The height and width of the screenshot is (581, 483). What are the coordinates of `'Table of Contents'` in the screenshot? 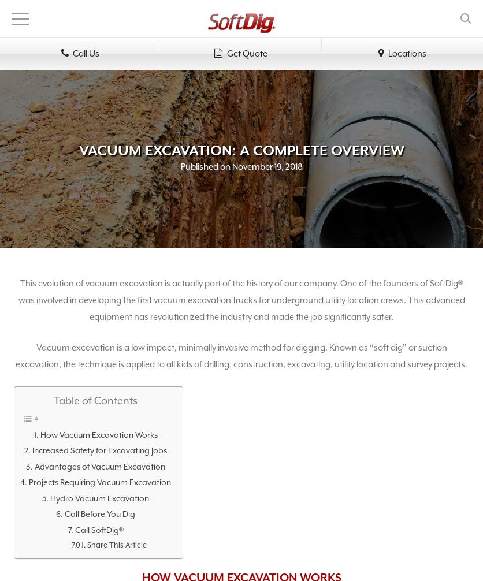 It's located at (95, 401).